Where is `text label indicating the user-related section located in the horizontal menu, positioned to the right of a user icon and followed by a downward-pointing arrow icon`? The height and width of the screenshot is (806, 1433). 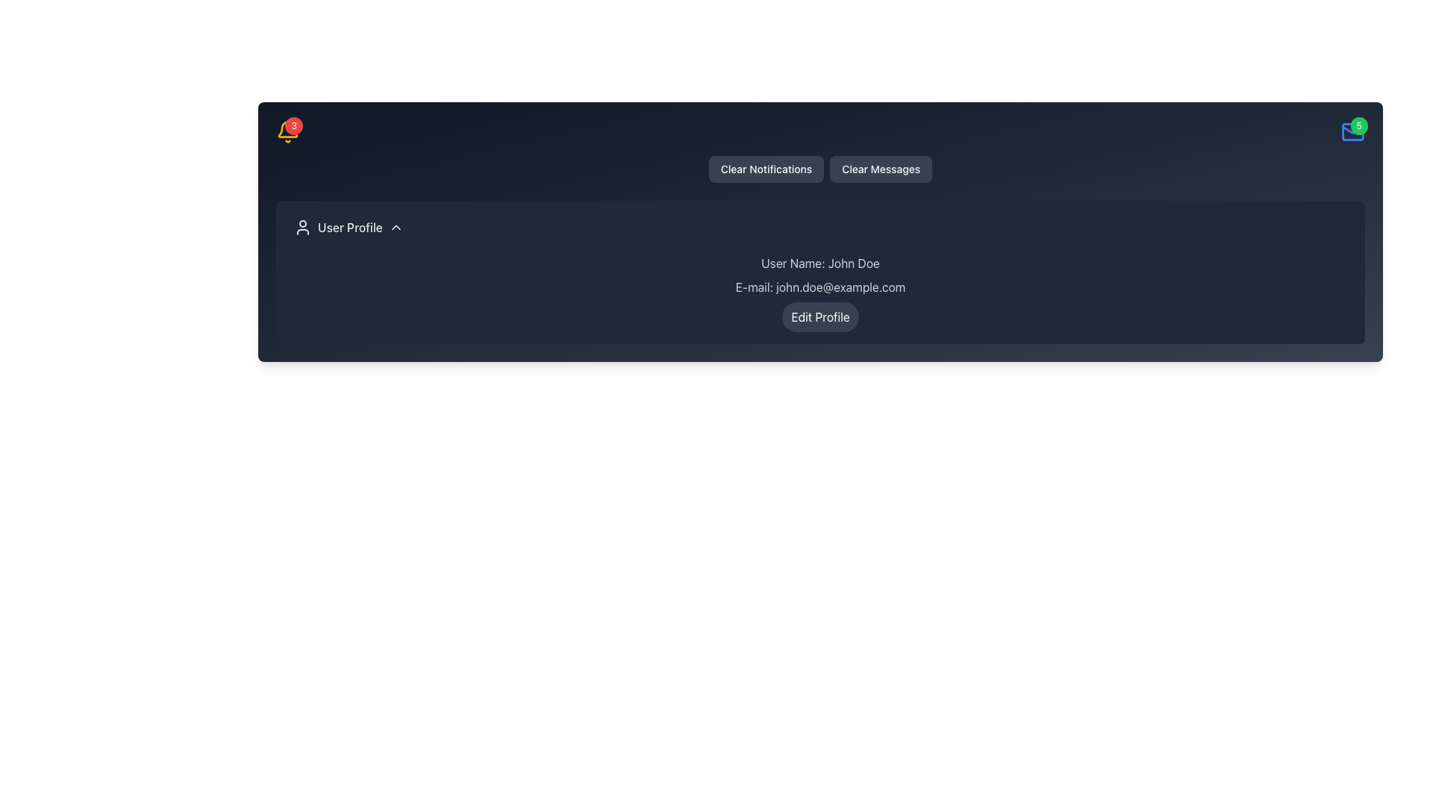
text label indicating the user-related section located in the horizontal menu, positioned to the right of a user icon and followed by a downward-pointing arrow icon is located at coordinates (349, 227).